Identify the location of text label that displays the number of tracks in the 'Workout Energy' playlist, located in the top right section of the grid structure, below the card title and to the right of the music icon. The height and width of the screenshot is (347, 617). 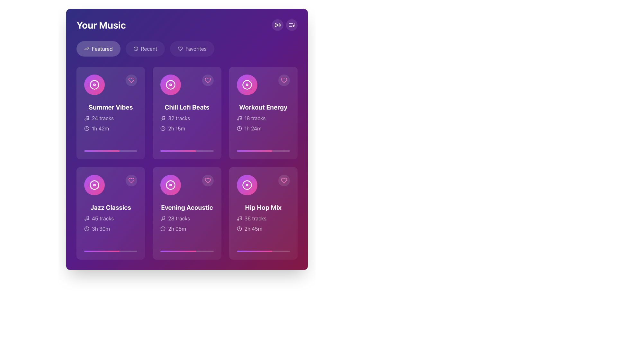
(255, 118).